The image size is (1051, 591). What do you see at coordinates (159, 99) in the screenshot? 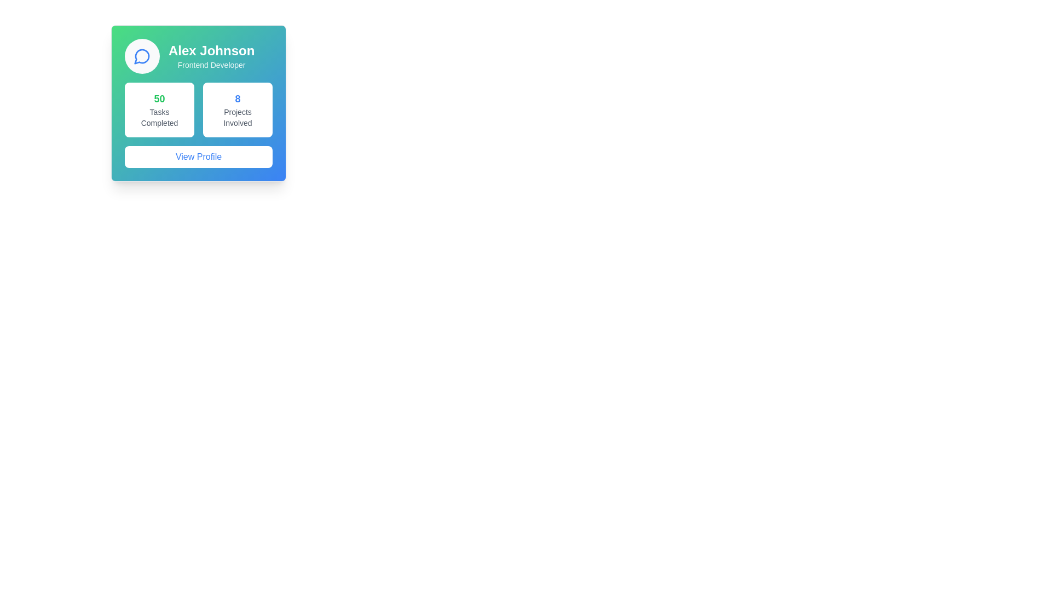
I see `value of the label displaying the numeral '50' which is styled in green font, bold, and larger size, located above the 'Tasks Completed' label within a card-like UI element` at bounding box center [159, 99].